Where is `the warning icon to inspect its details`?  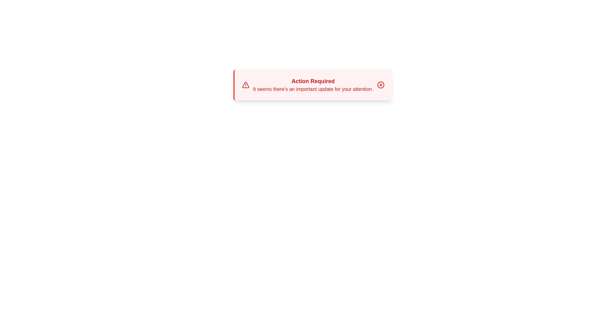 the warning icon to inspect its details is located at coordinates (245, 85).